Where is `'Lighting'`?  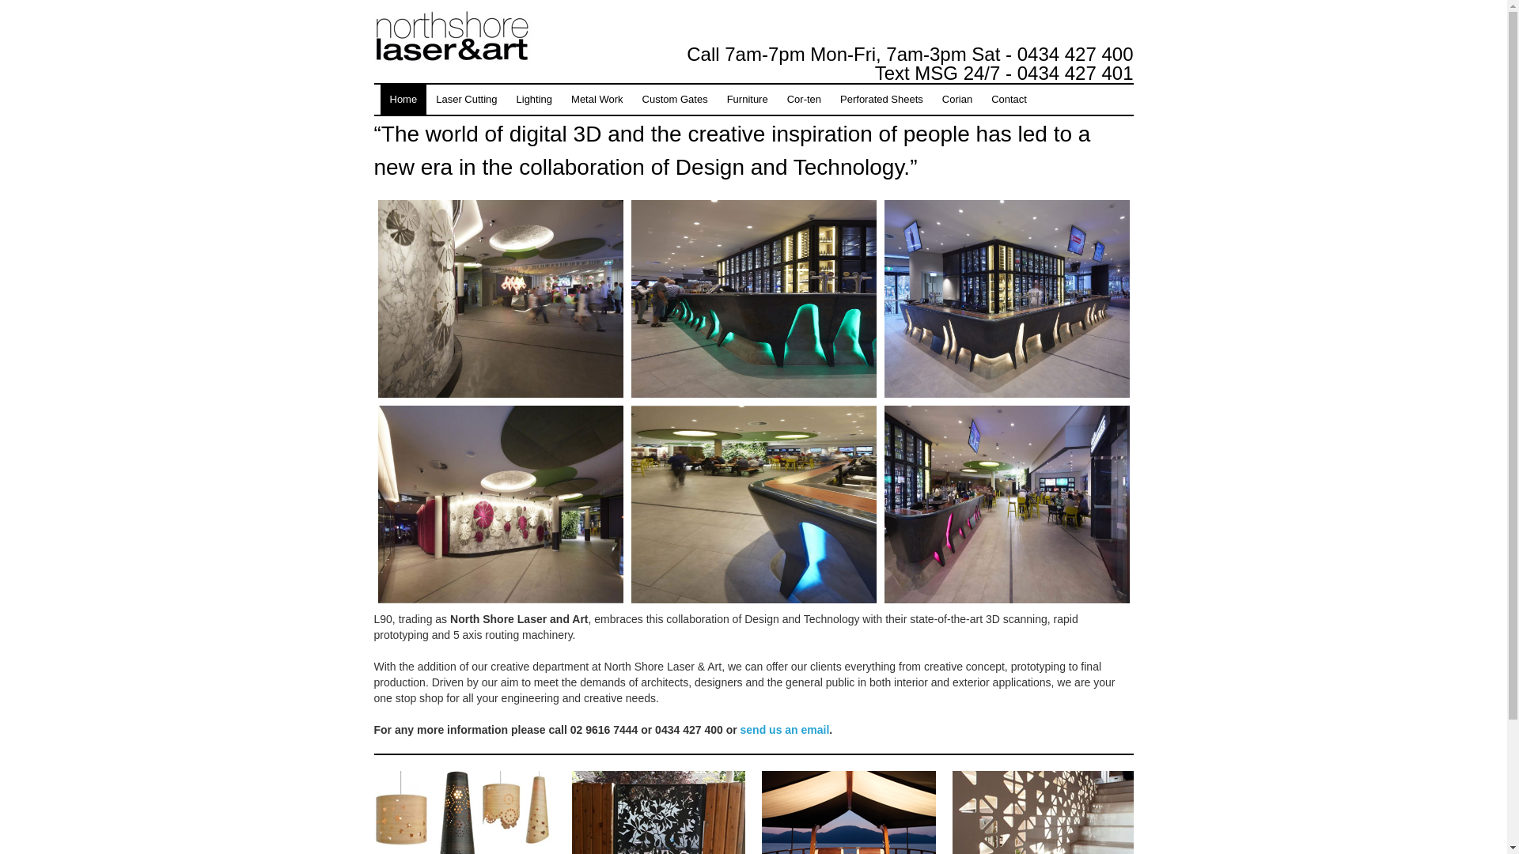
'Lighting' is located at coordinates (535, 100).